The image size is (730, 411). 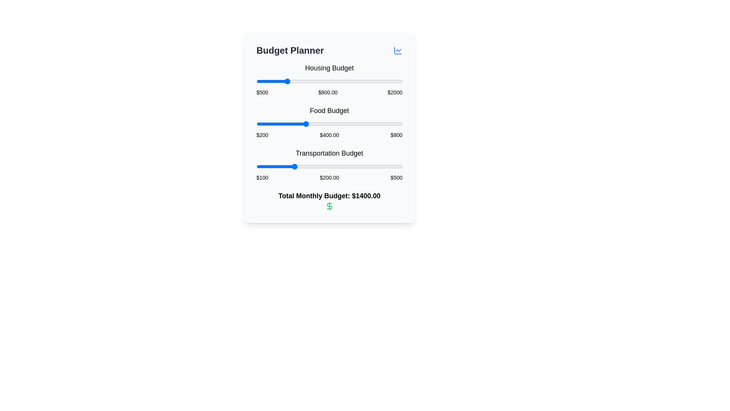 I want to click on the Food Budget slider, so click(x=317, y=124).